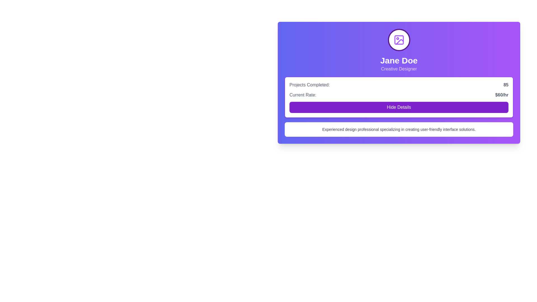 Image resolution: width=537 pixels, height=302 pixels. Describe the element at coordinates (399, 60) in the screenshot. I see `the 'Jane Doe' text label, which is styled in a bold, large font and located in a gradient purple header, positioned between an icon above and the 'Creative Designer' label below` at that location.